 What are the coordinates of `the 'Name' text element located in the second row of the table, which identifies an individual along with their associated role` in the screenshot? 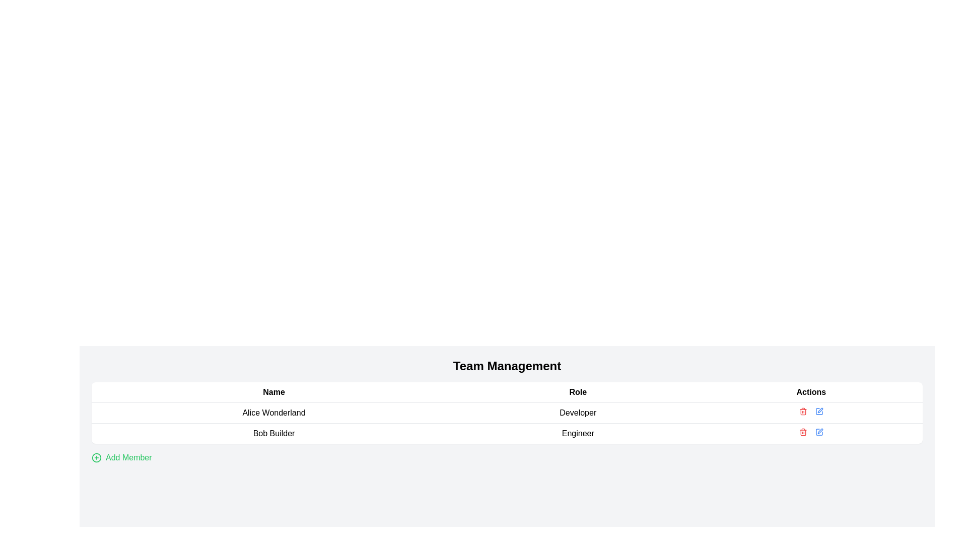 It's located at (273, 433).